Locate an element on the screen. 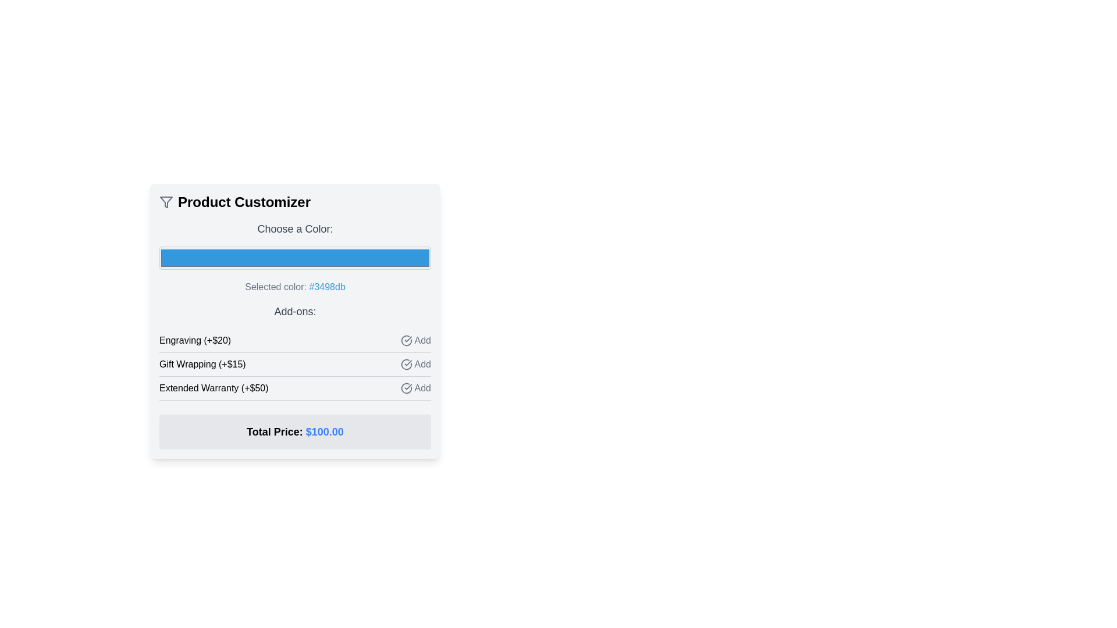 This screenshot has height=628, width=1117. the 'Gift Wrapping (+$15)' button located in the rightmost position of the second row under the 'Add-ons' section is located at coordinates (415, 364).